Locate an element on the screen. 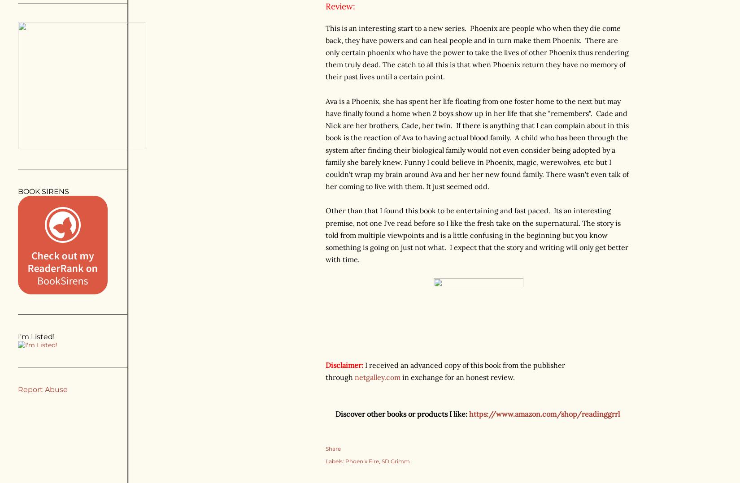  'SD Grimm' is located at coordinates (396, 460).